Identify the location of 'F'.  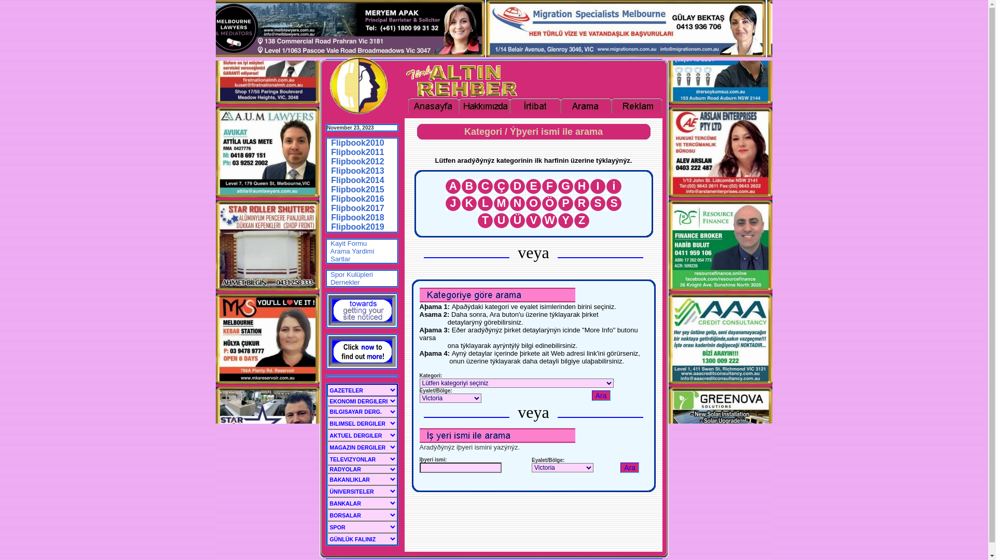
(549, 188).